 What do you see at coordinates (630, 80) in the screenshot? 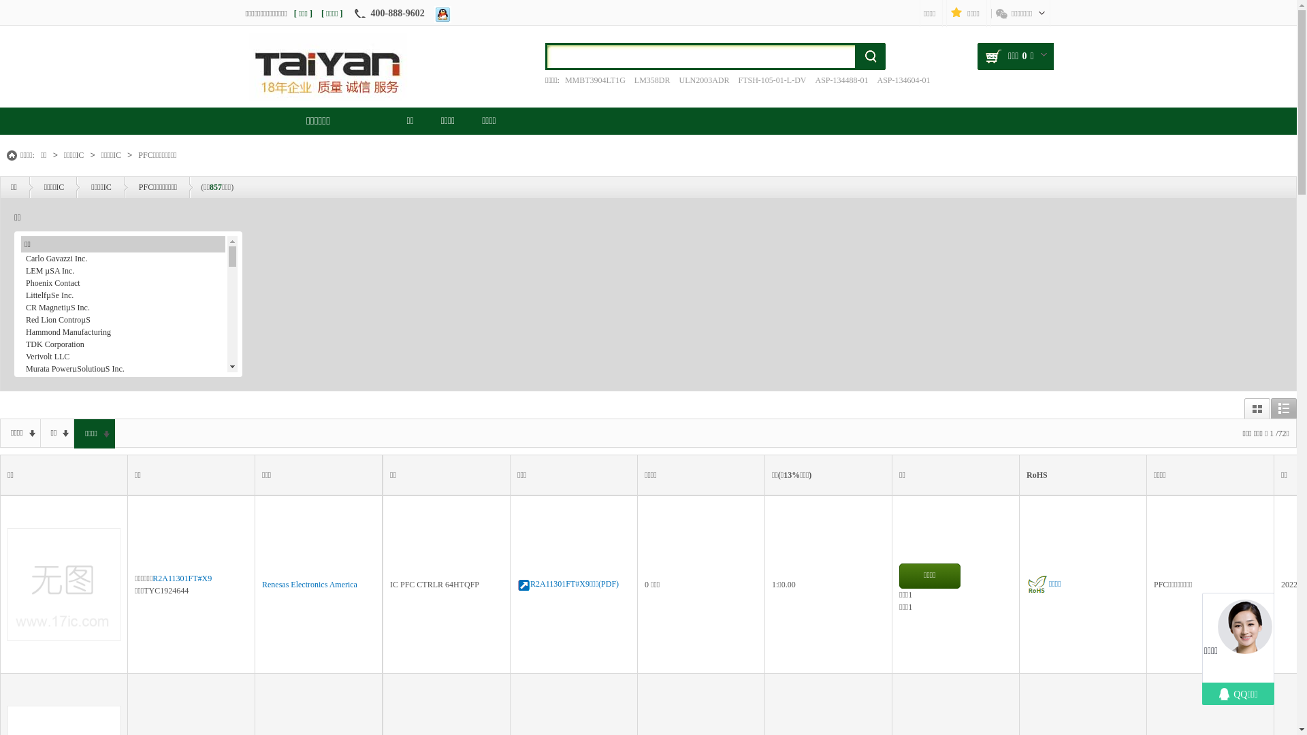
I see `'LM358DR'` at bounding box center [630, 80].